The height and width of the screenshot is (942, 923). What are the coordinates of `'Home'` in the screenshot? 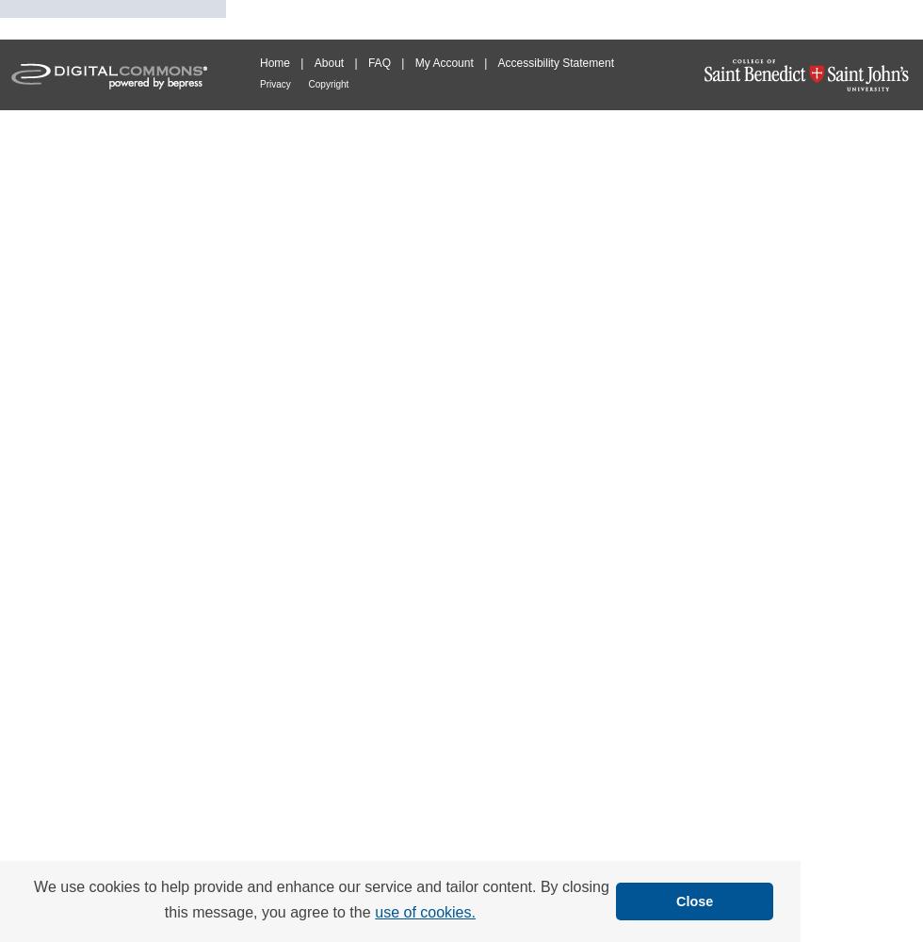 It's located at (259, 62).